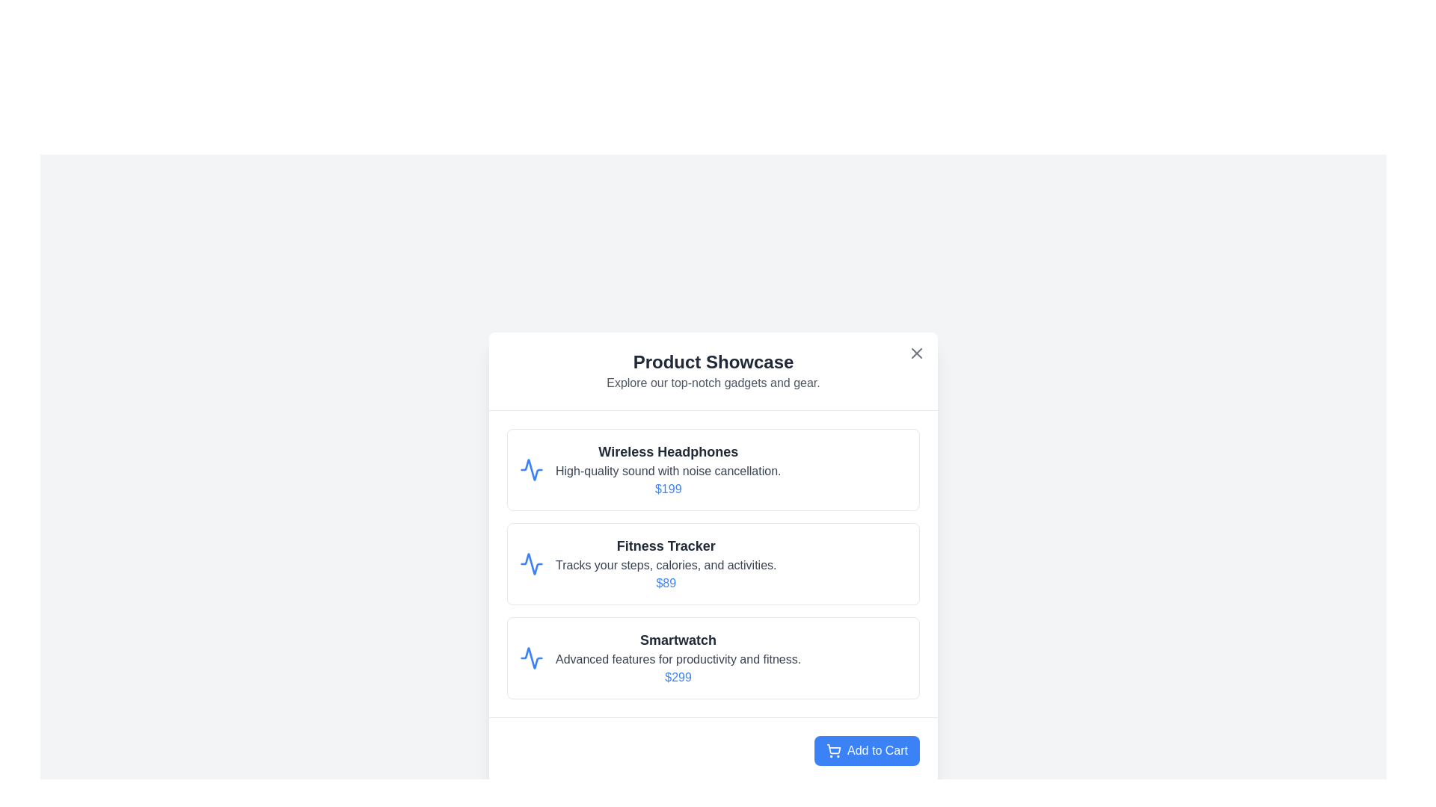 The image size is (1436, 807). I want to click on the Product card titled 'Fitness Tracker', which is the second card in the list and is centered within the modal dialog, so click(713, 564).